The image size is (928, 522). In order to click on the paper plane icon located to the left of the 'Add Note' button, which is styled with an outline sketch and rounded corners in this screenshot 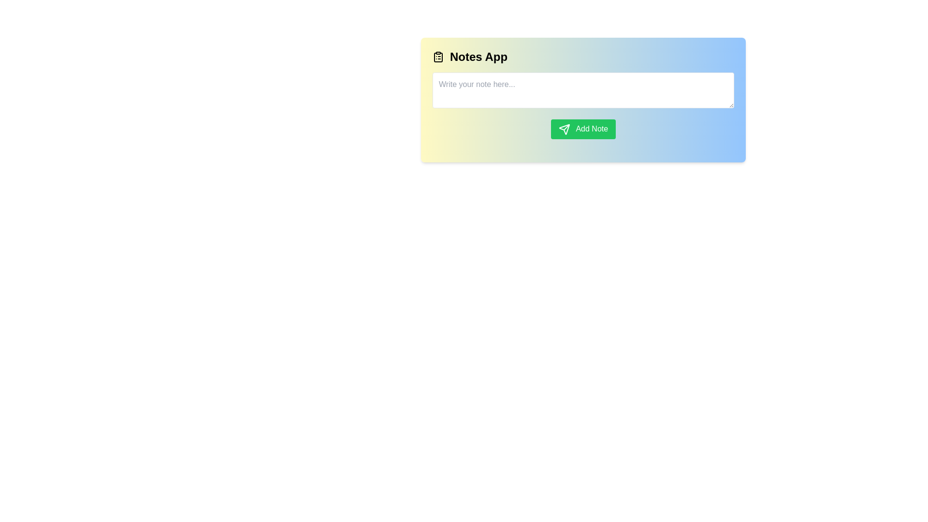, I will do `click(564, 129)`.